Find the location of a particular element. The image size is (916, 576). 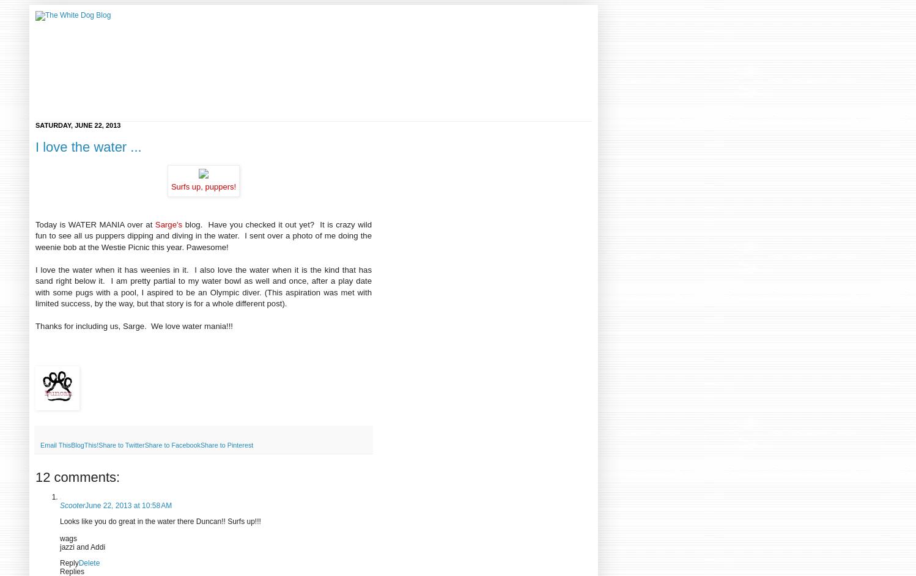

'Share to Facebook' is located at coordinates (144, 444).